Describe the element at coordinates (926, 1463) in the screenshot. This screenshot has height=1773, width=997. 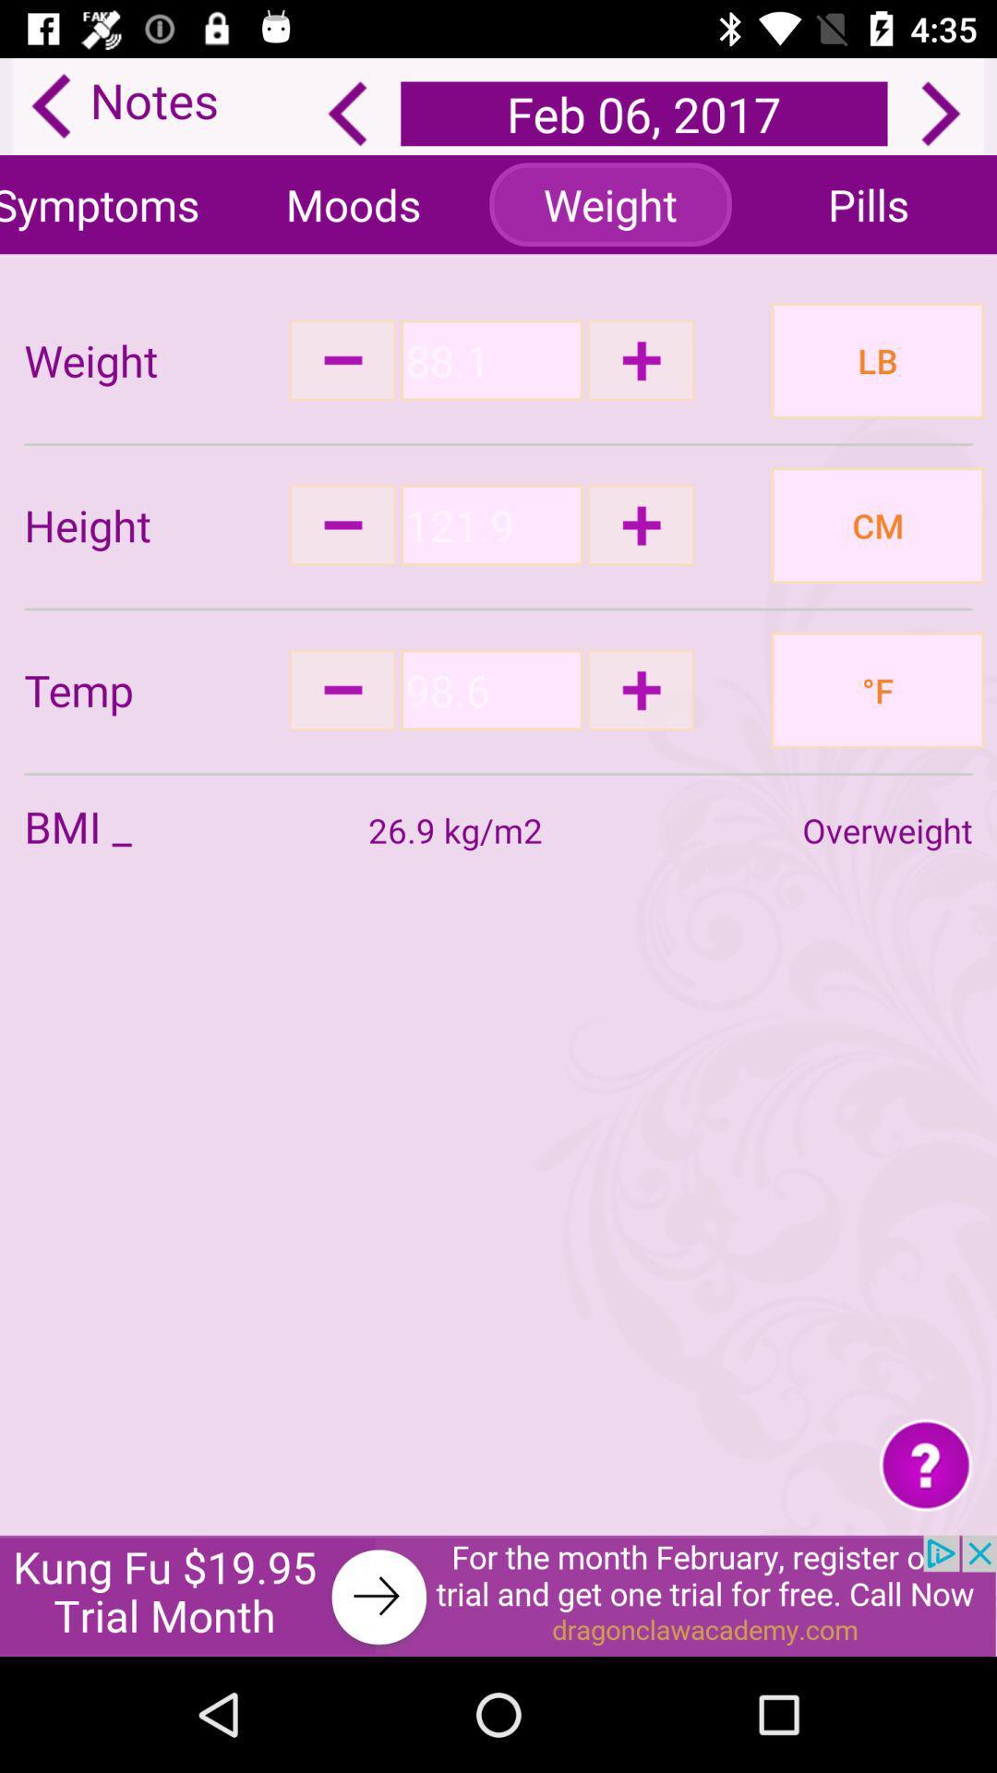
I see `click on the question mark` at that location.